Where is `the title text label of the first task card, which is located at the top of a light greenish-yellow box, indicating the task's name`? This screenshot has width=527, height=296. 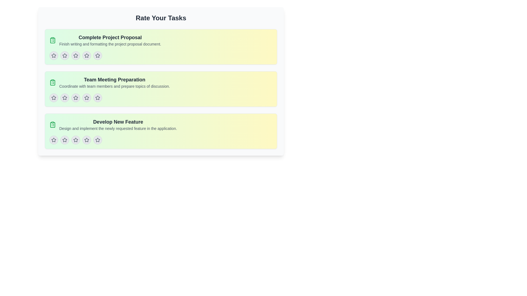 the title text label of the first task card, which is located at the top of a light greenish-yellow box, indicating the task's name is located at coordinates (110, 37).